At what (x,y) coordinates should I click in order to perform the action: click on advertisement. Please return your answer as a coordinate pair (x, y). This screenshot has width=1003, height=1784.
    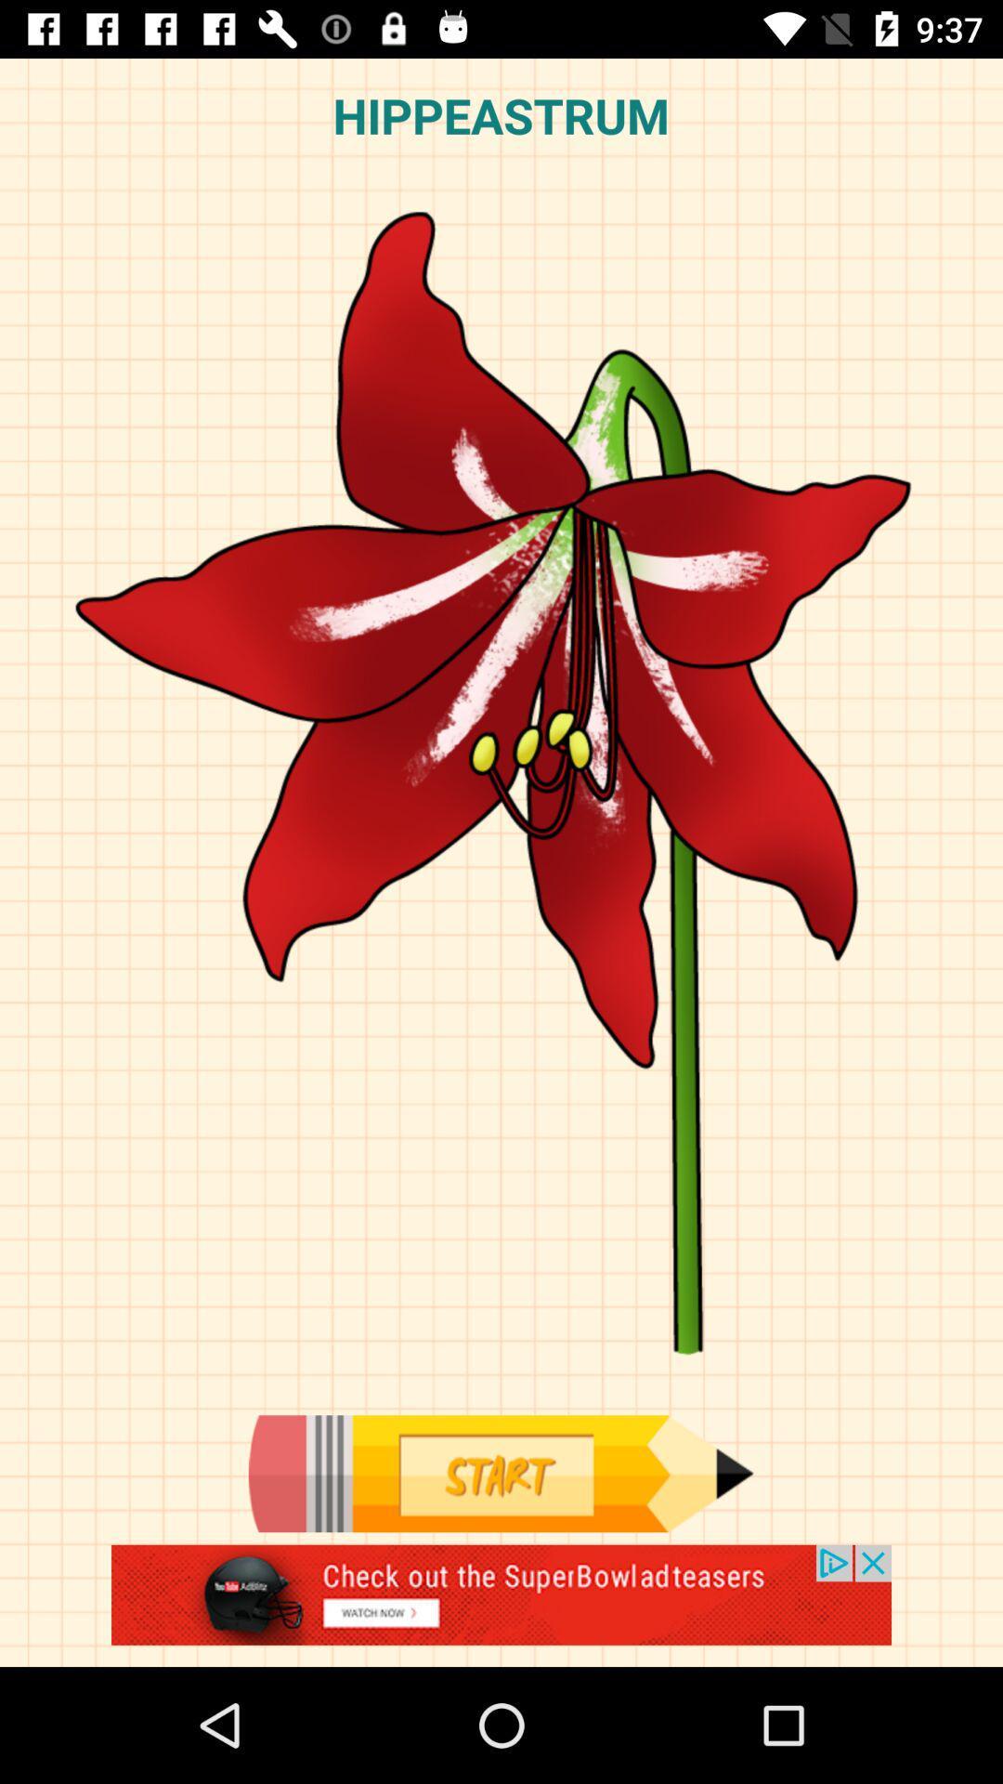
    Looking at the image, I should click on (501, 1605).